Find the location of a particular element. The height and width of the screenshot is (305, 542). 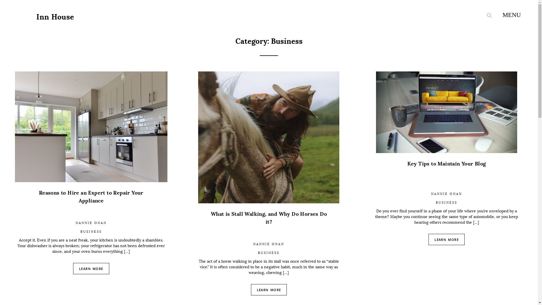

'BUSINESS' is located at coordinates (91, 232).